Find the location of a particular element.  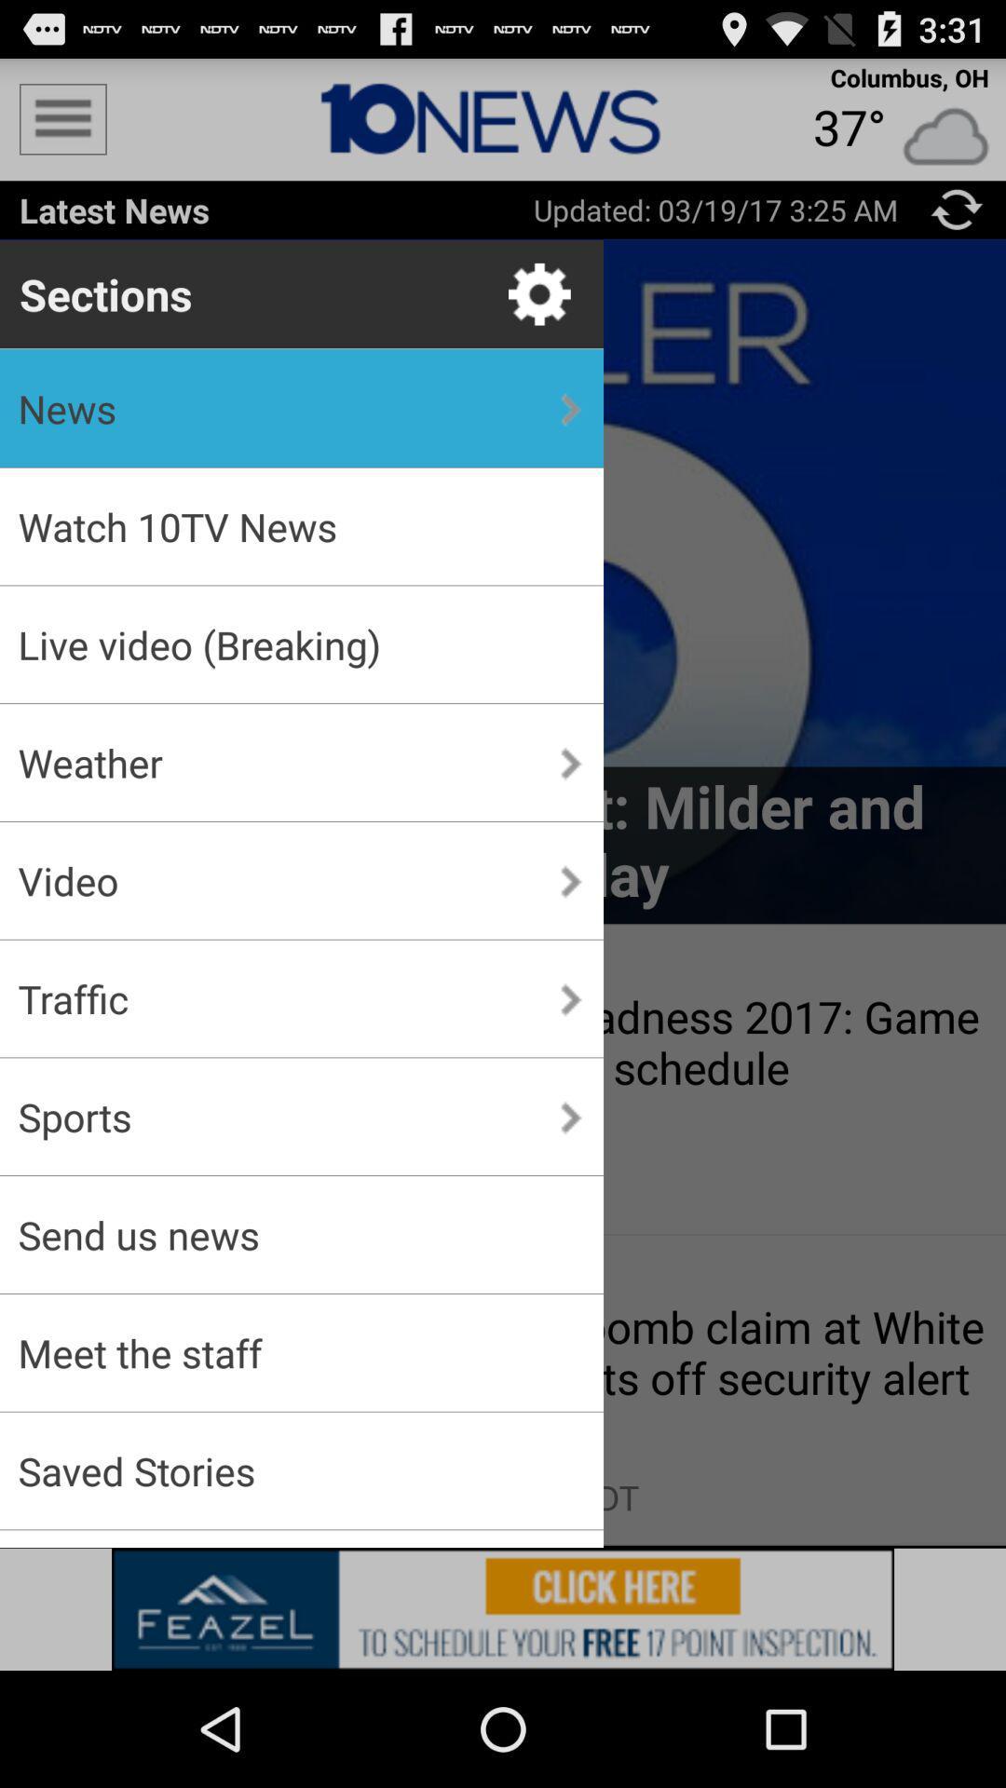

the refresh icon is located at coordinates (957, 223).